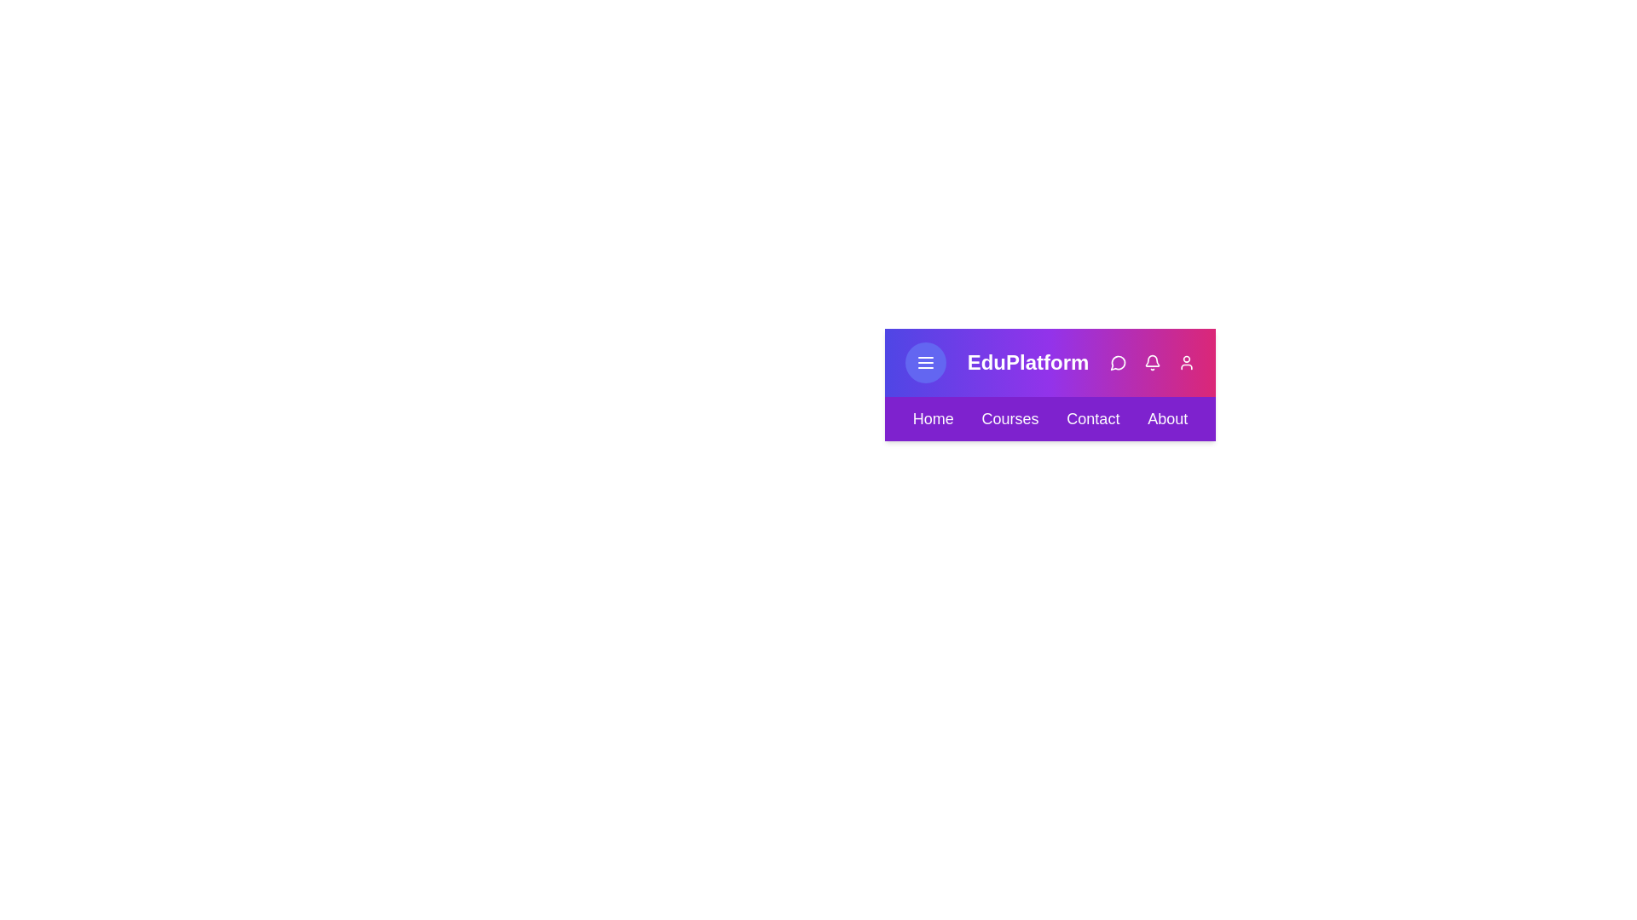  I want to click on the Home navigation menu item, so click(932, 419).